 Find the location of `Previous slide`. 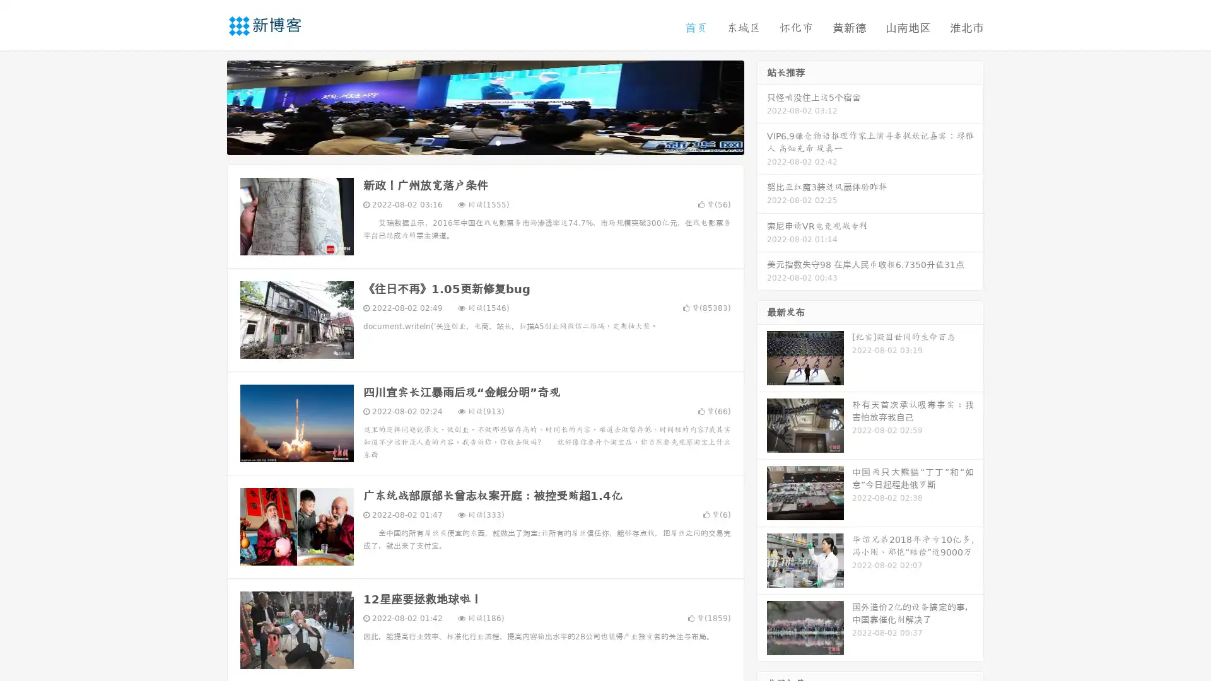

Previous slide is located at coordinates (208, 106).